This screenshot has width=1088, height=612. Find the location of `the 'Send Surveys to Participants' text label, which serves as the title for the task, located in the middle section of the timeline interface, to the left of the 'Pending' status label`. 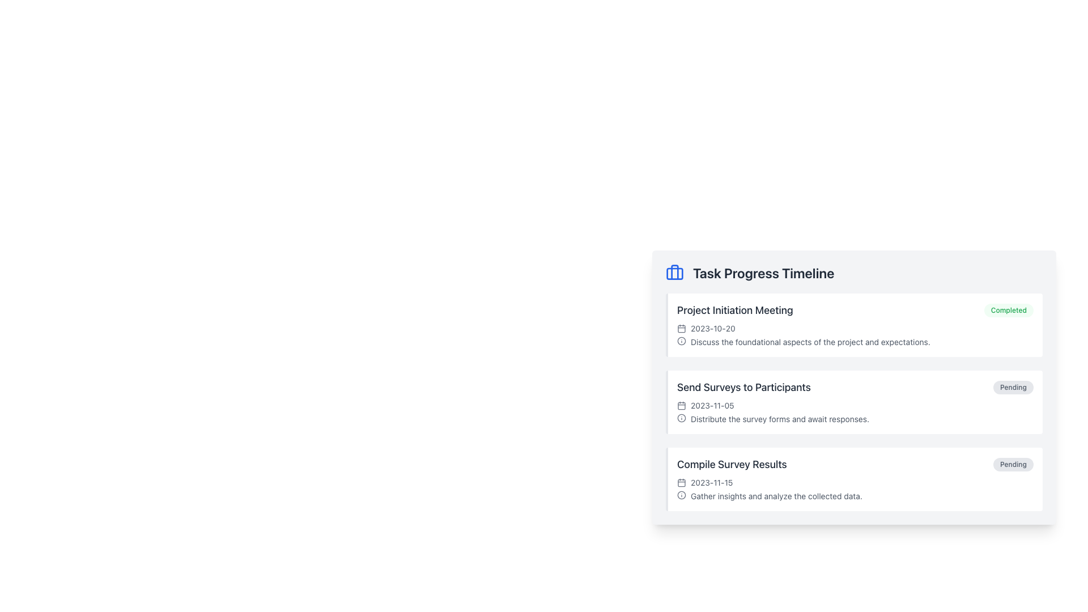

the 'Send Surveys to Participants' text label, which serves as the title for the task, located in the middle section of the timeline interface, to the left of the 'Pending' status label is located at coordinates (743, 386).